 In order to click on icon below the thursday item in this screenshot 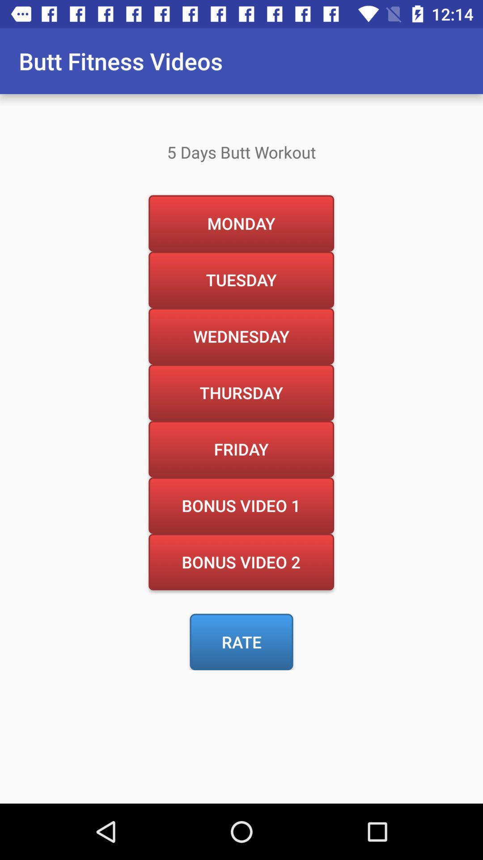, I will do `click(241, 449)`.